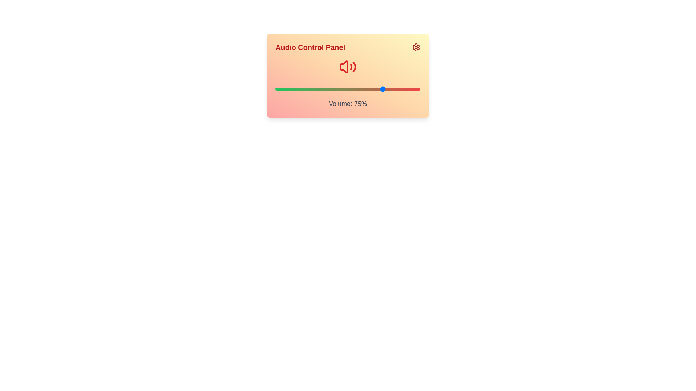  Describe the element at coordinates (348, 67) in the screenshot. I see `the volume icon to observe visual feedback` at that location.